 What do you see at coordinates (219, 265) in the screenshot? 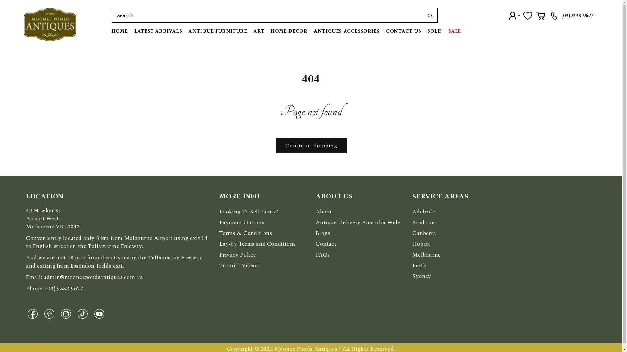
I see `'Tutorial Videos'` at bounding box center [219, 265].